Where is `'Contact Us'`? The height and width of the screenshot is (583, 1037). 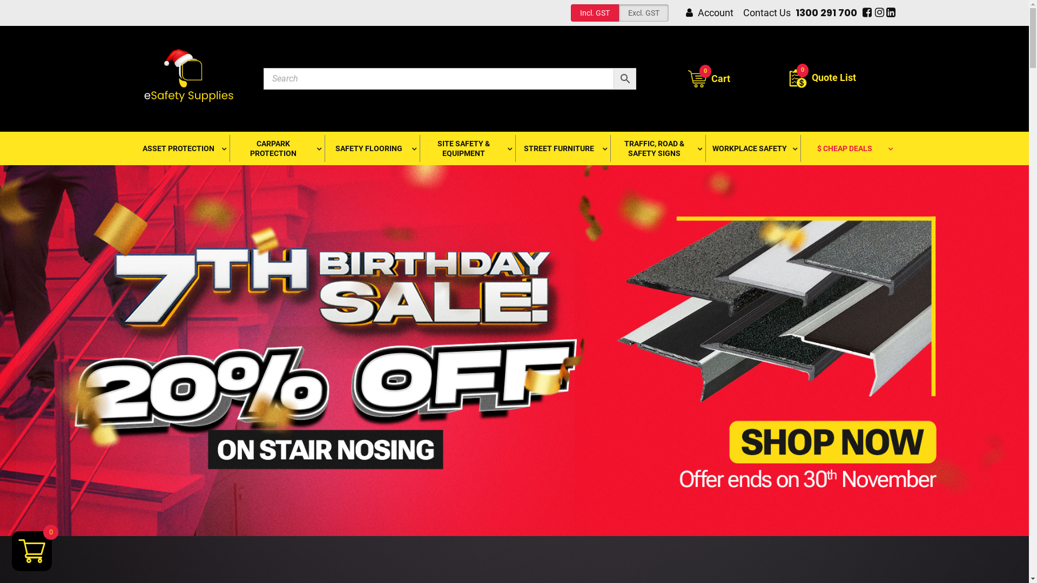
'Contact Us' is located at coordinates (766, 12).